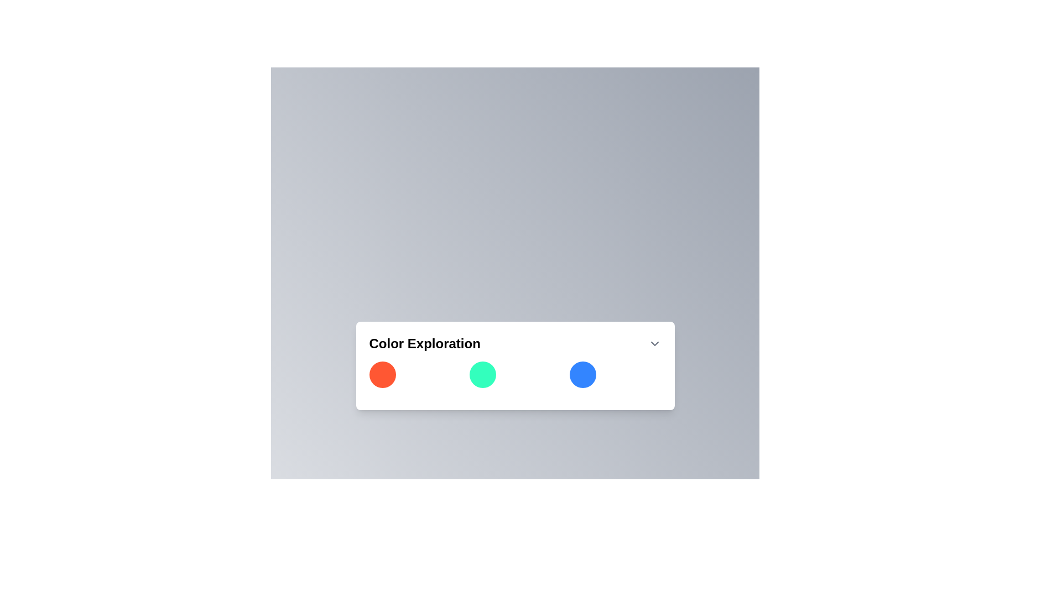 The width and height of the screenshot is (1062, 597). What do you see at coordinates (582, 374) in the screenshot?
I see `the third circular button in the color selection interface located under the 'Color Exploration' title` at bounding box center [582, 374].